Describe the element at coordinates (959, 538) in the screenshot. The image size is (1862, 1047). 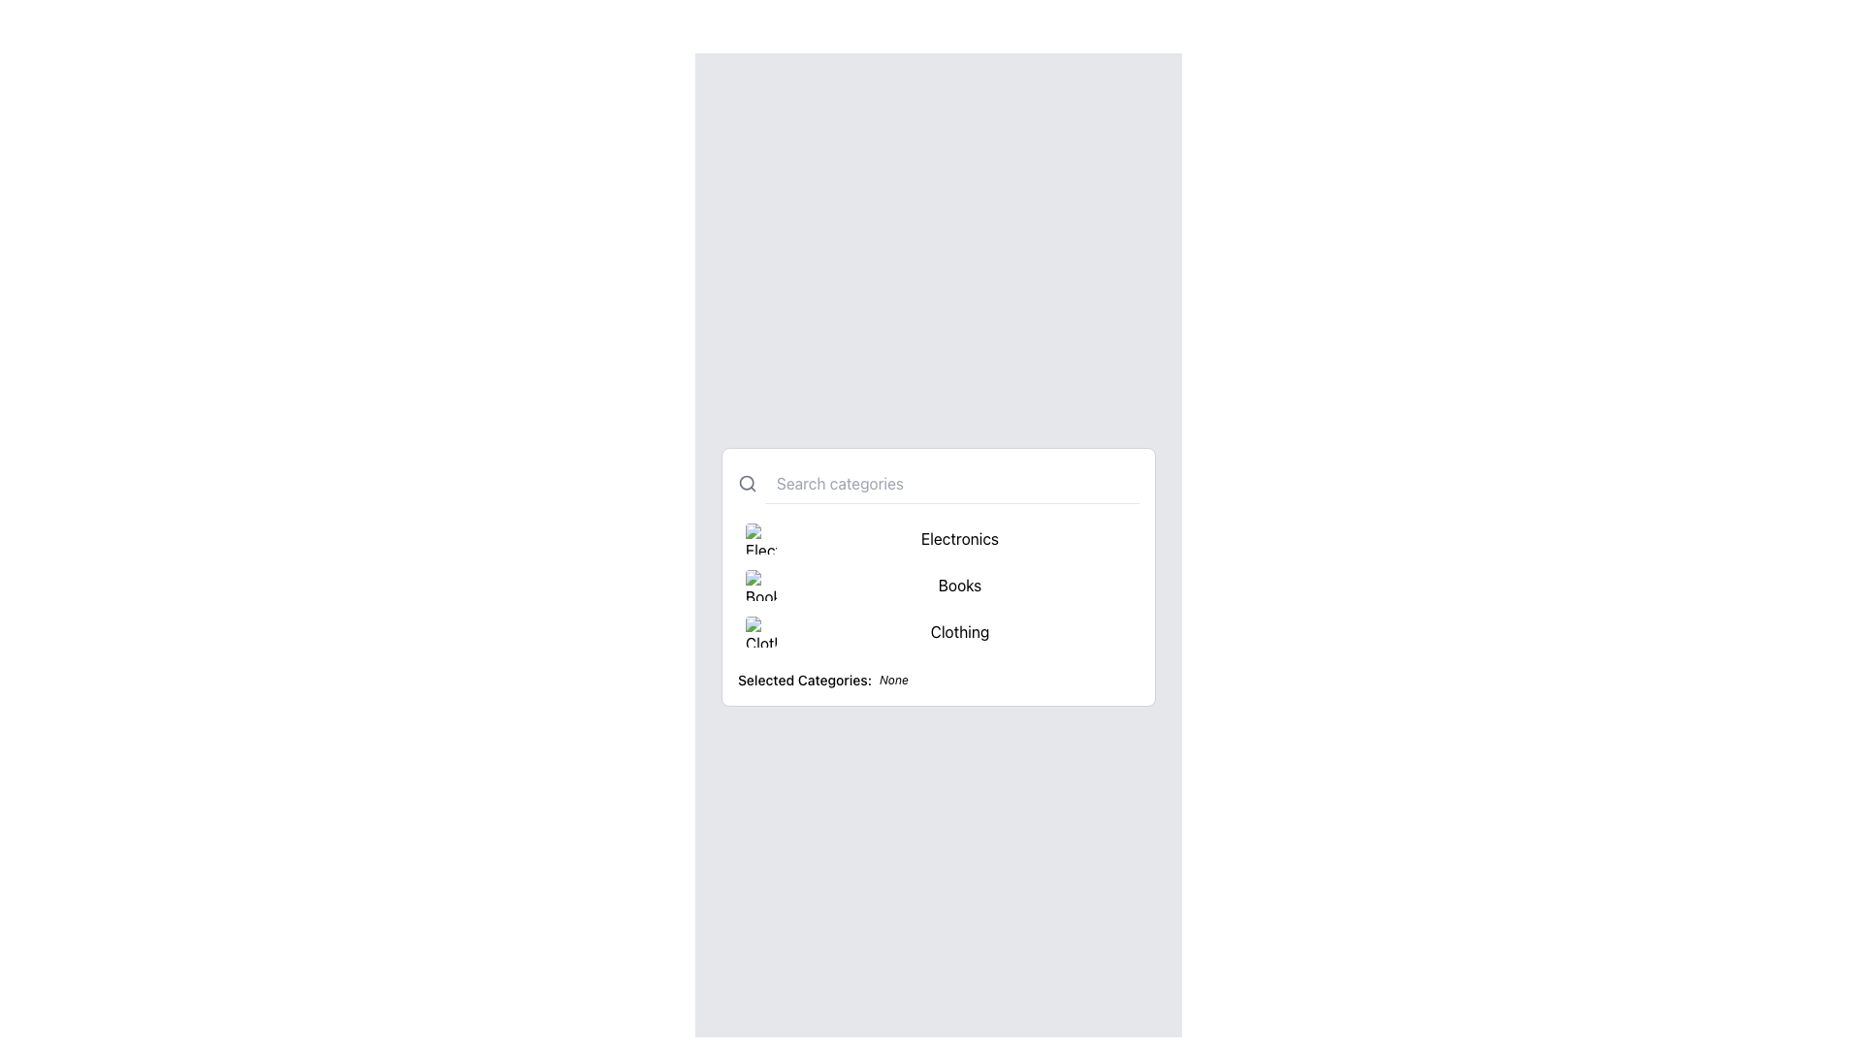
I see `text label displaying 'Electronics' located as the second item in a vertical list of categories, positioned to the right of its corresponding icon` at that location.